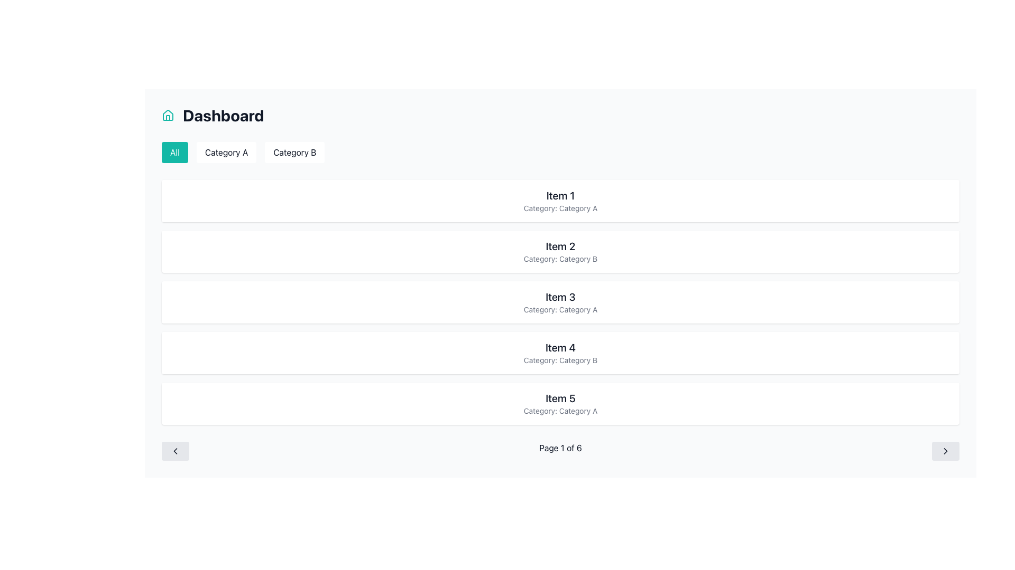  What do you see at coordinates (167, 118) in the screenshot?
I see `the lower section of the teal-colored house icon, which is part of an SVG graphic displayed to the left of the Dashboard heading` at bounding box center [167, 118].